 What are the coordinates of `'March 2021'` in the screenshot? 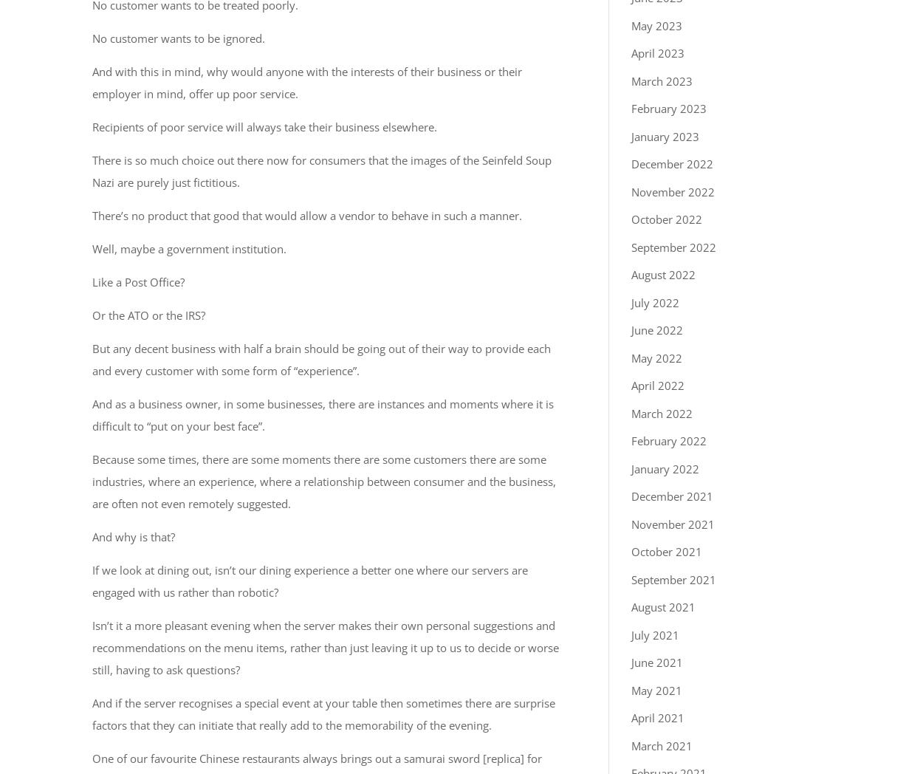 It's located at (631, 745).